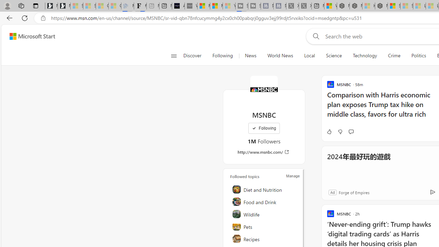 This screenshot has height=247, width=439. I want to click on 'Local', so click(309, 56).